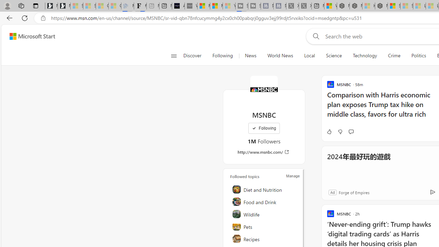 This screenshot has height=247, width=439. I want to click on 'Local', so click(309, 56).